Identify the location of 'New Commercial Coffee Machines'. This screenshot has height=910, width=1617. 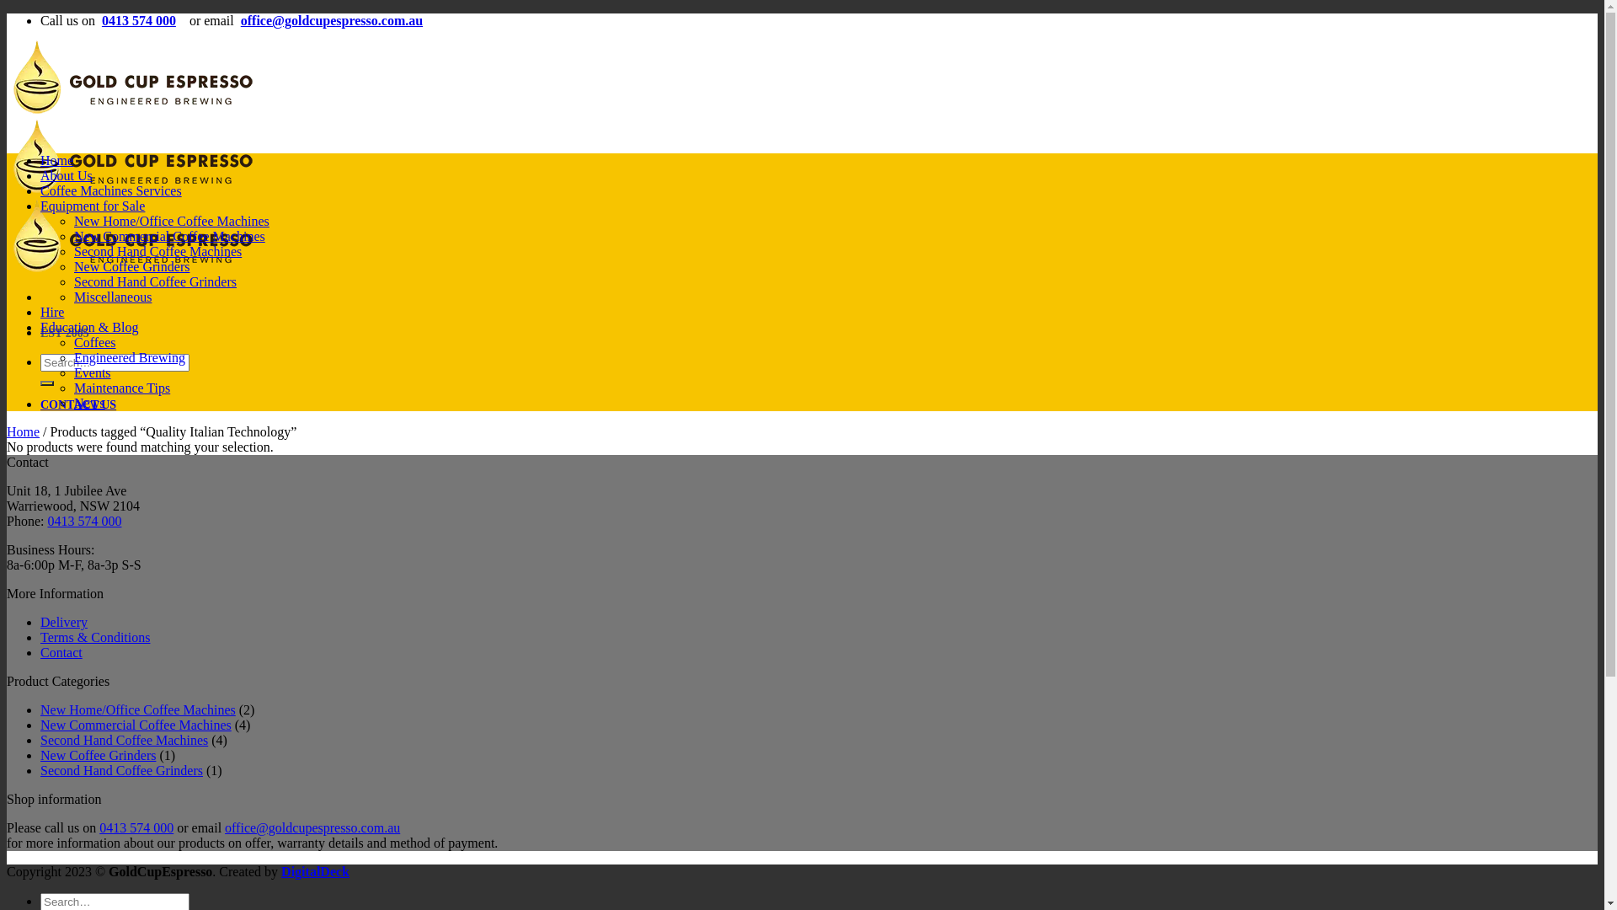
(136, 724).